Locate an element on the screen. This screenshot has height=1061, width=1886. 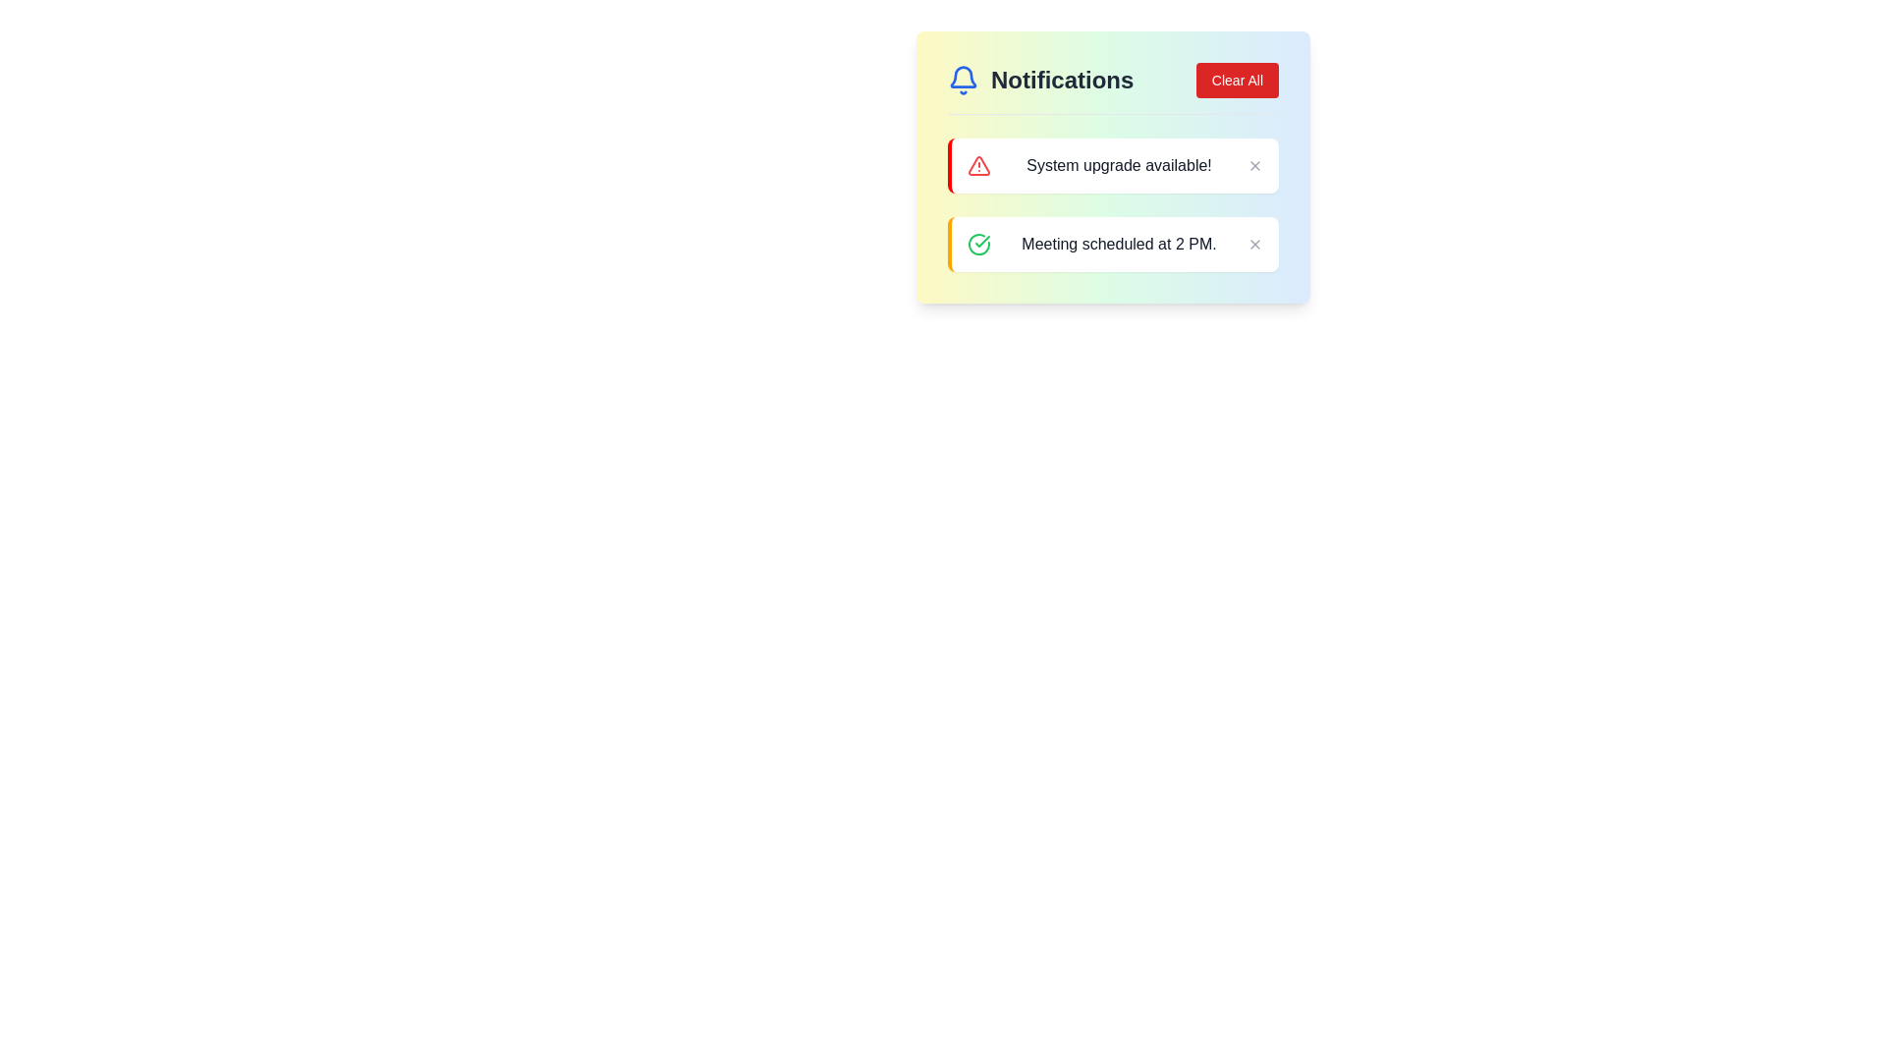
the green checkmark-shaped icon indicating confirmation for the 'Meeting scheduled at 2 PM.' is located at coordinates (982, 241).